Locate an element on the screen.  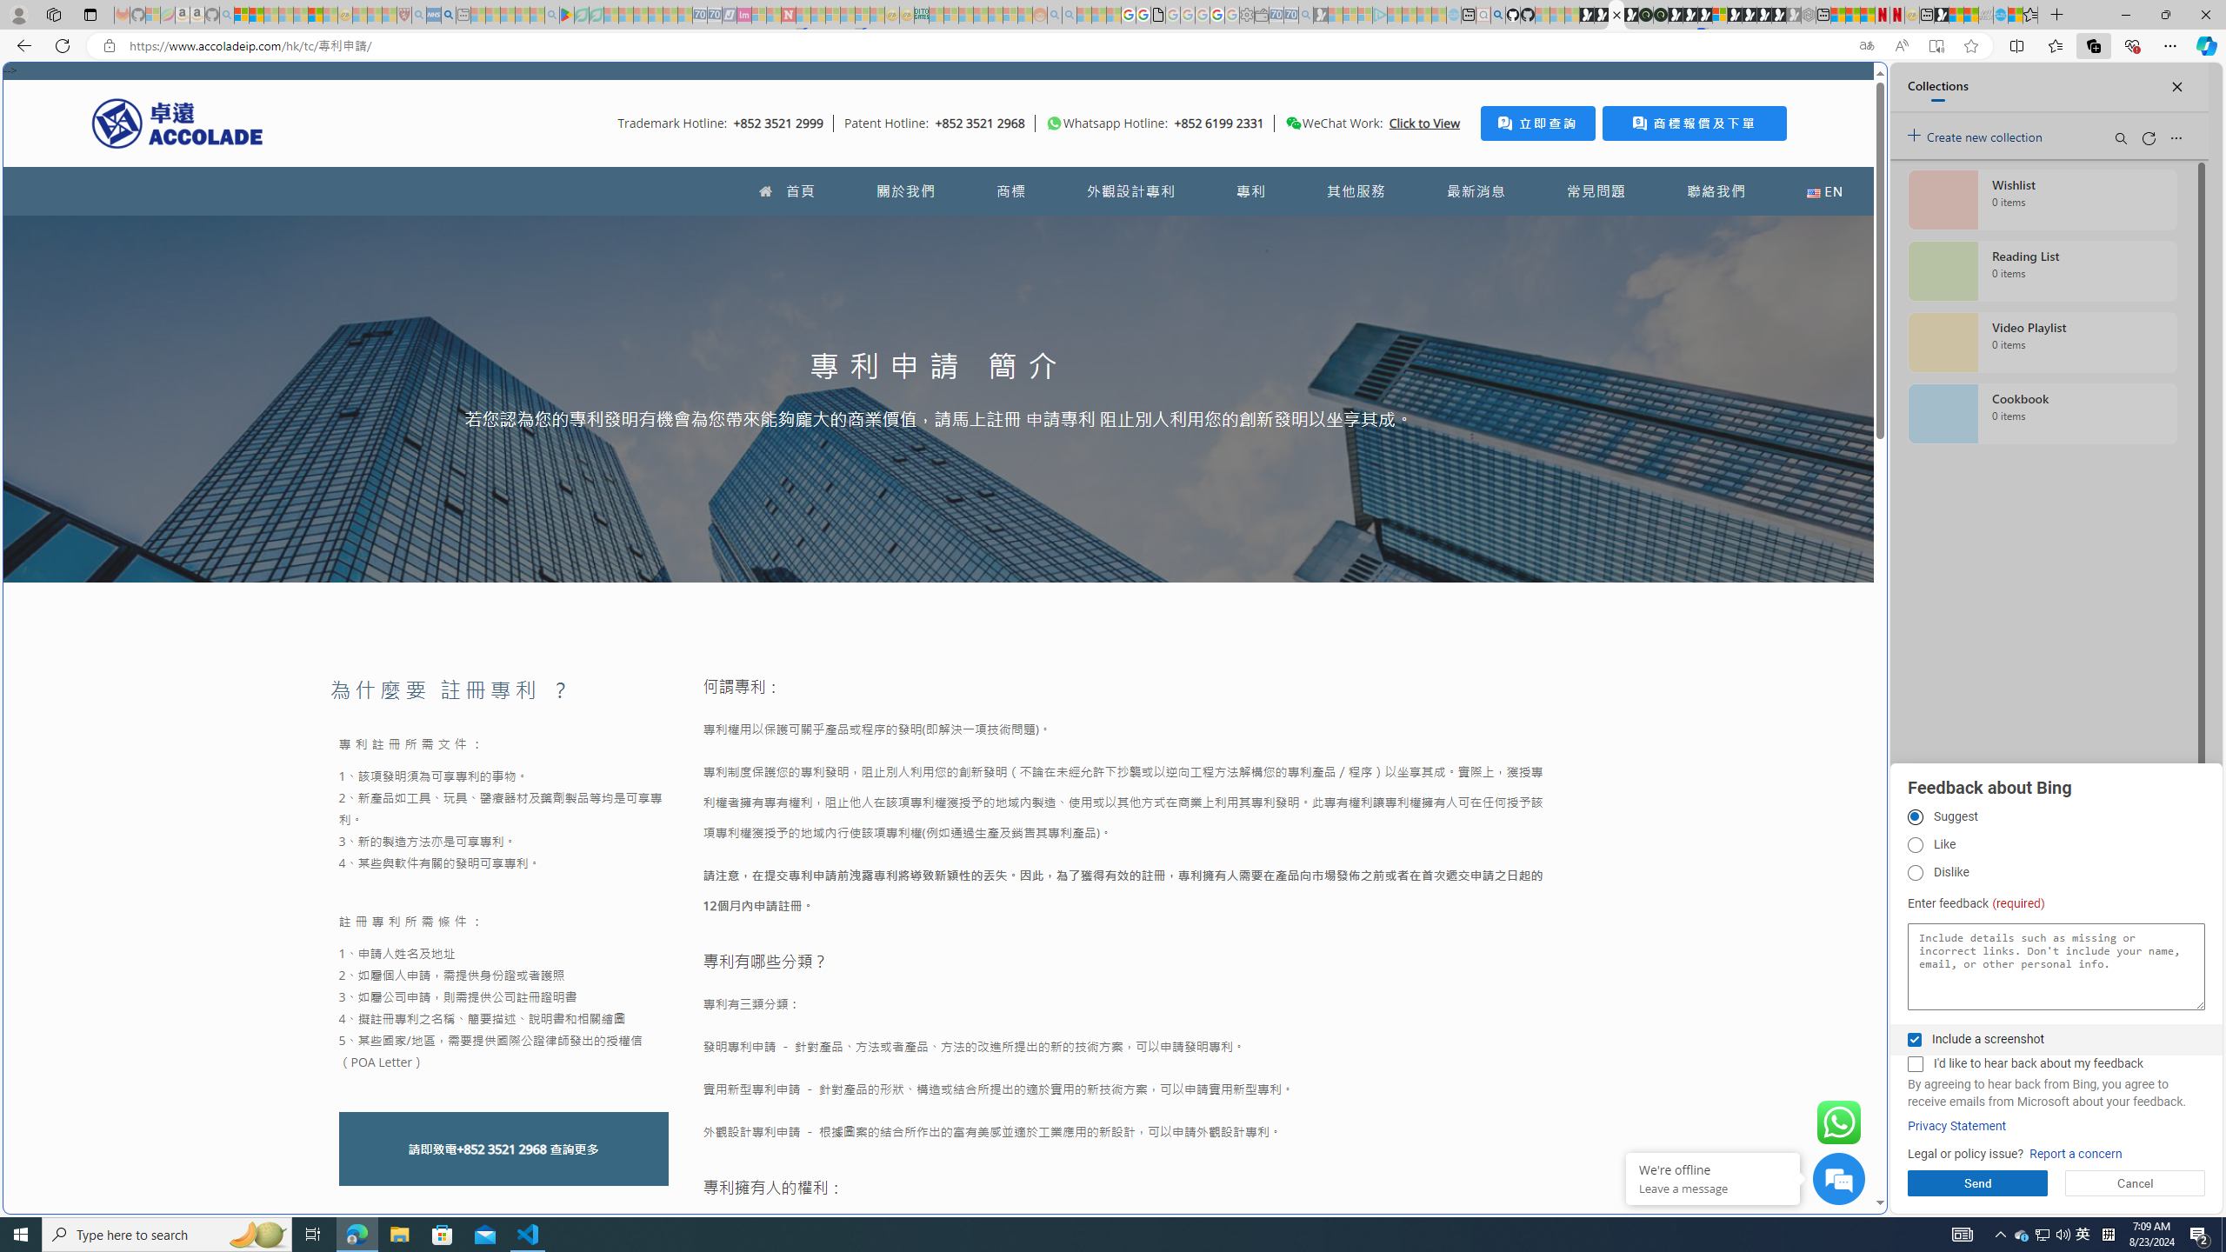
'google - Search - Sleeping' is located at coordinates (550, 14).